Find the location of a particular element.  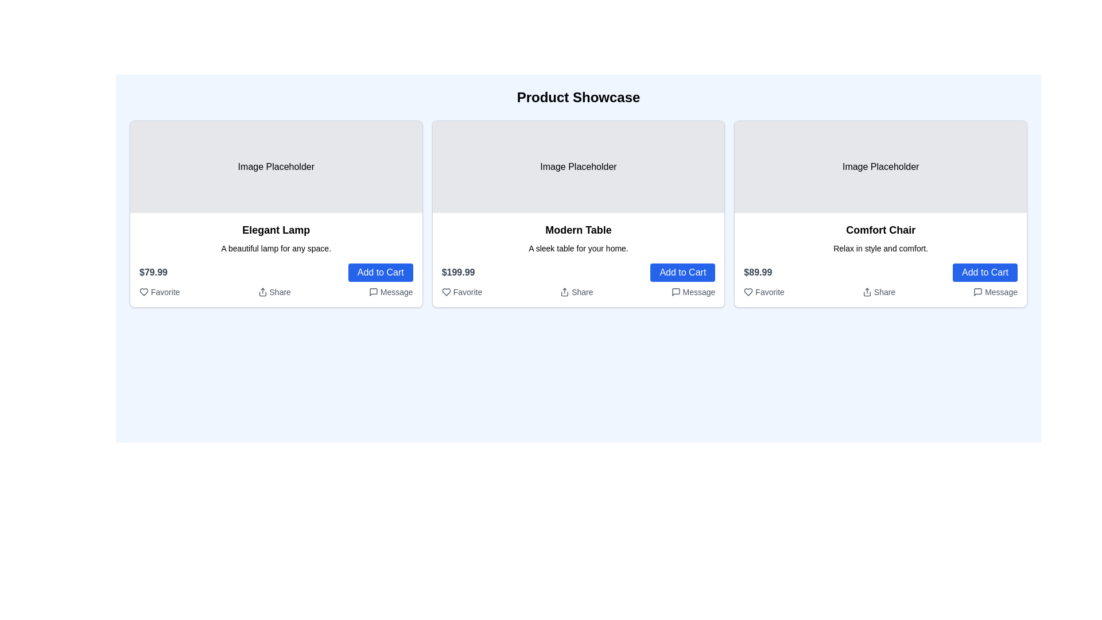

the share icon, which features an upward arrow emerging from a box, located to the left of the 'Share' text in the 'Elegant Lamp' actions is located at coordinates (261, 292).